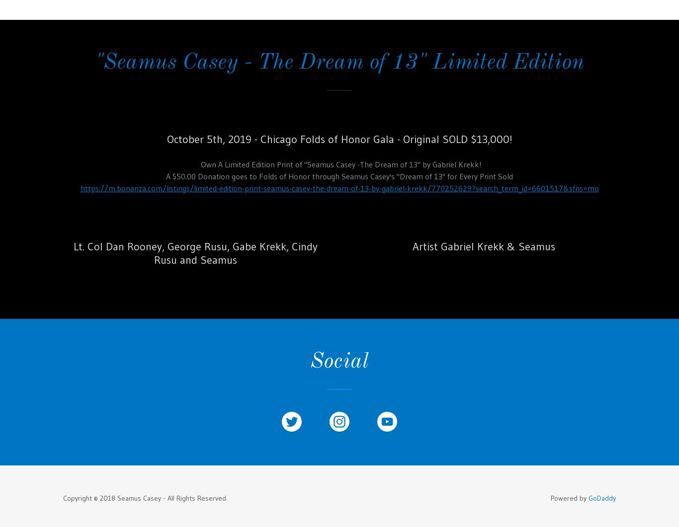 The image size is (679, 527). Describe the element at coordinates (602, 497) in the screenshot. I see `'GoDaddy'` at that location.